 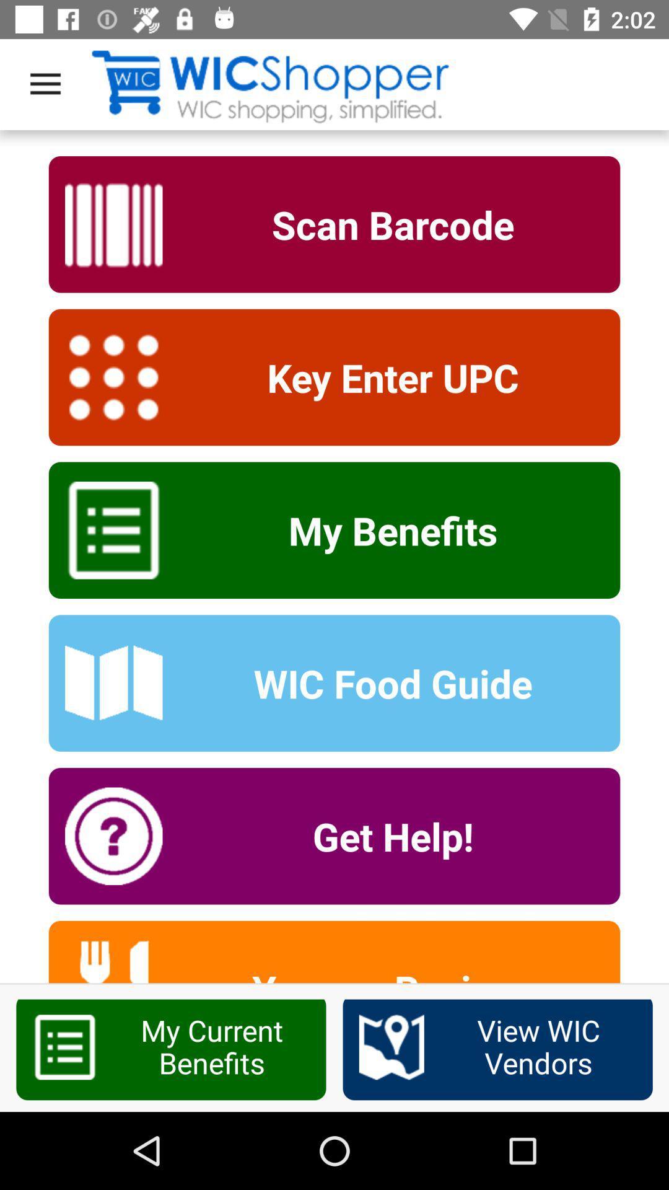 I want to click on the key enter upc item, so click(x=384, y=377).